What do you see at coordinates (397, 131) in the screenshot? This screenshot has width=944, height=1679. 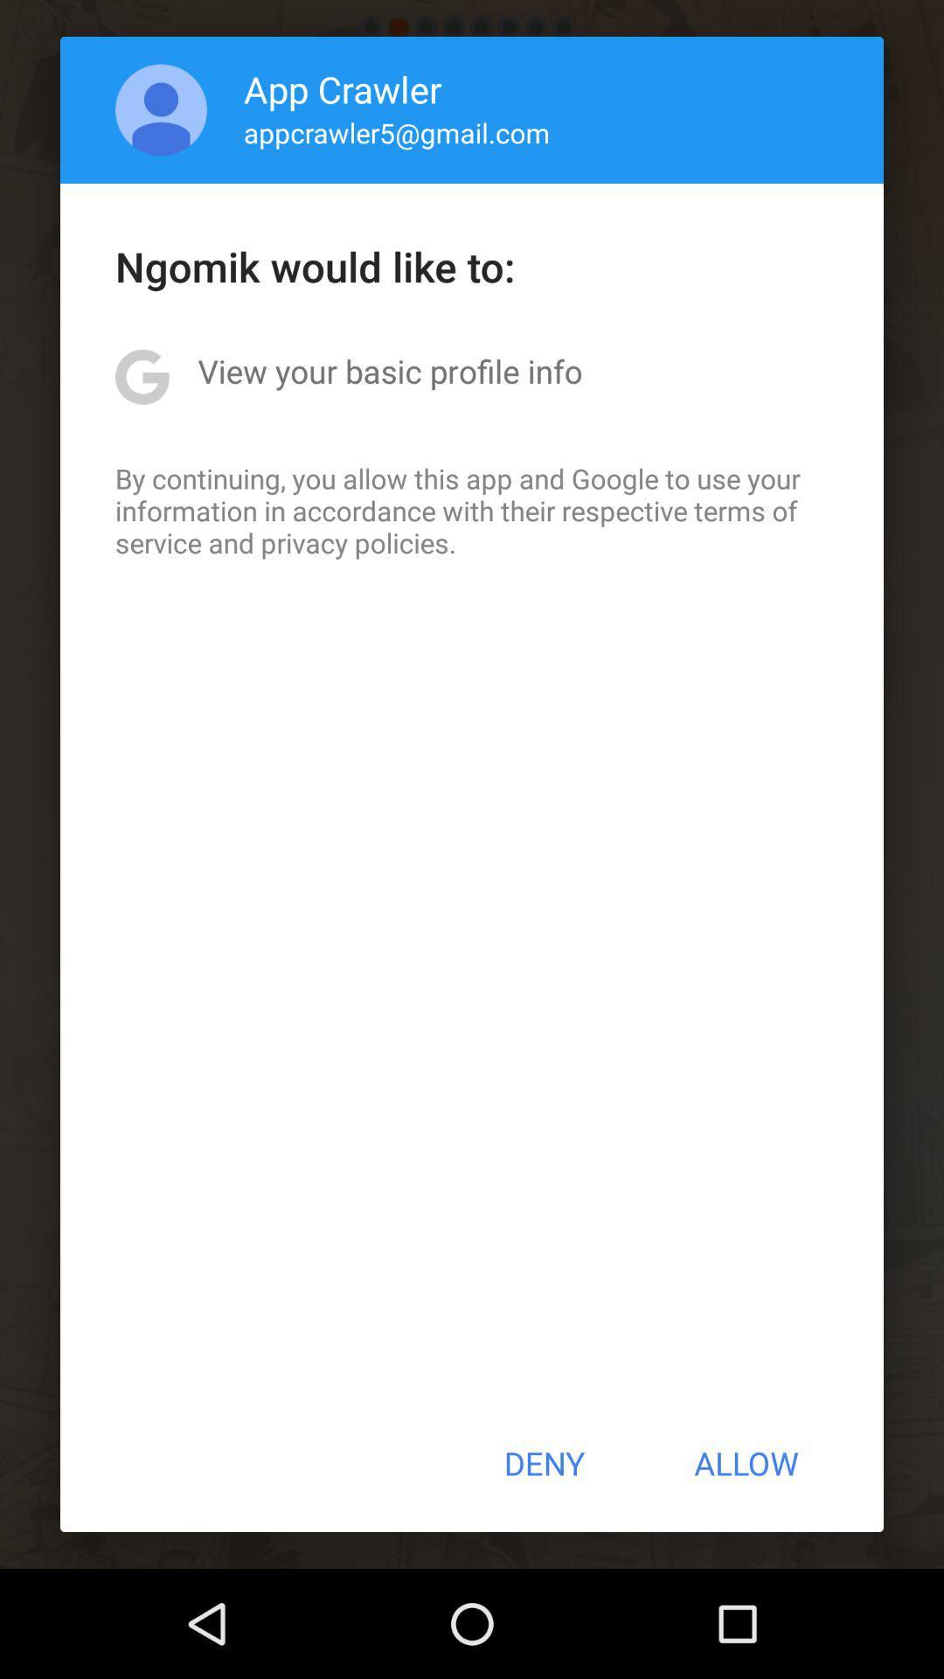 I see `the app below app crawler item` at bounding box center [397, 131].